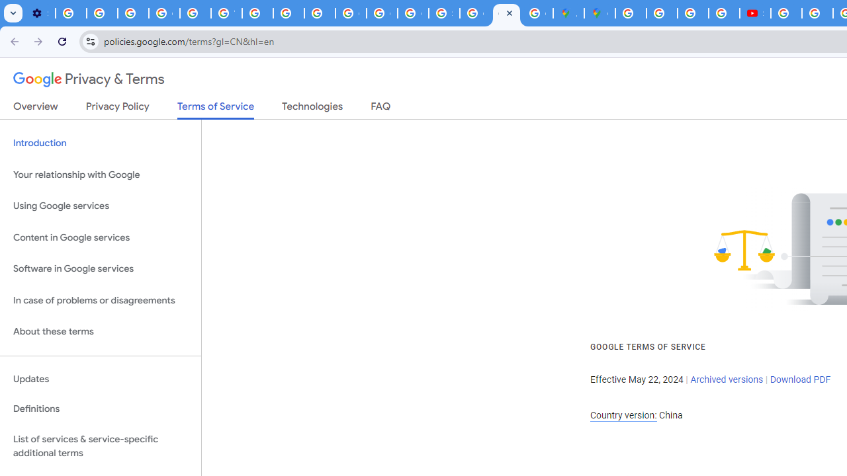  What do you see at coordinates (786, 13) in the screenshot?
I see `'How Chrome protects your passwords - Google Chrome Help'` at bounding box center [786, 13].